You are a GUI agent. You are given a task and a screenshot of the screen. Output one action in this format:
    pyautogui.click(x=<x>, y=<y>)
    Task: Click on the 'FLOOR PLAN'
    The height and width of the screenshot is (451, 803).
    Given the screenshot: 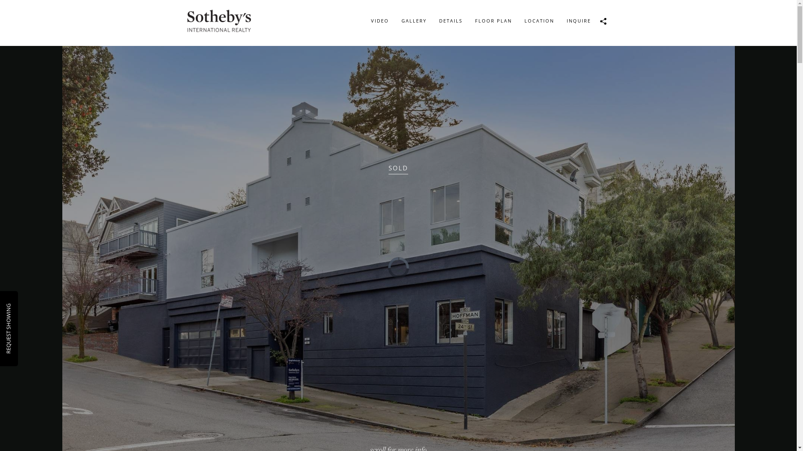 What is the action you would take?
    pyautogui.click(x=493, y=20)
    